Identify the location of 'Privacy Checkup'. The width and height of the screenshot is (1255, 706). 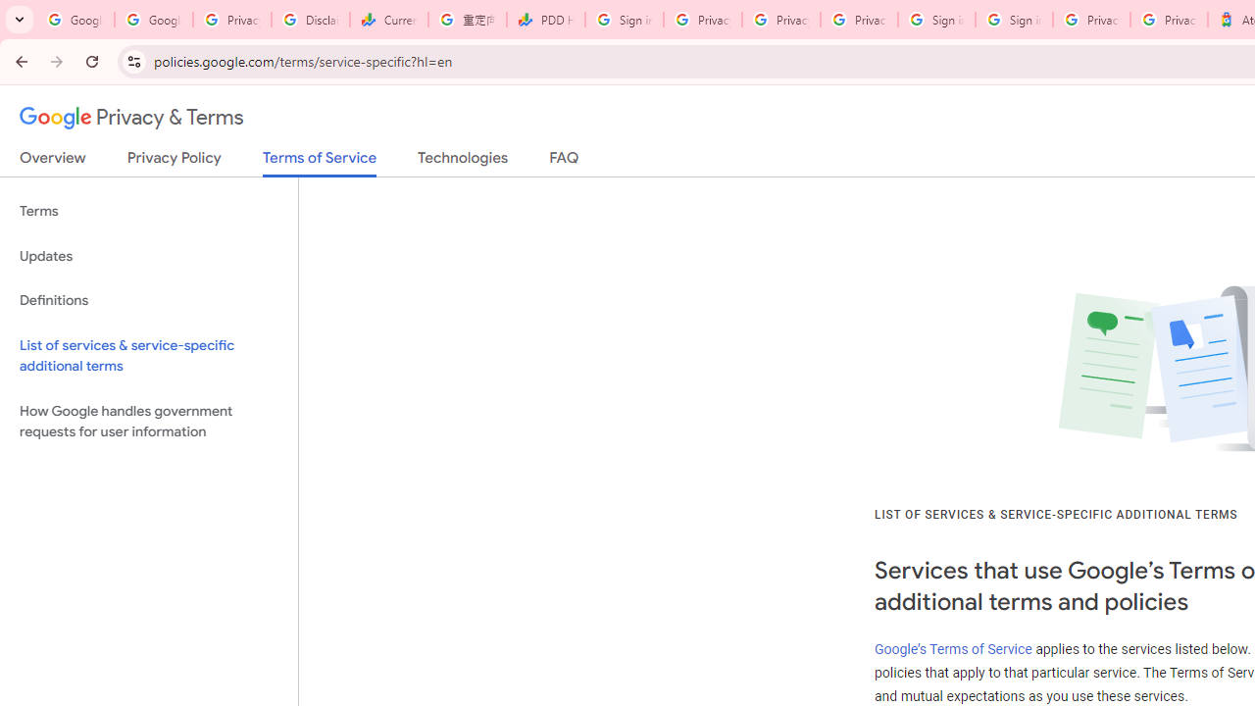
(779, 20).